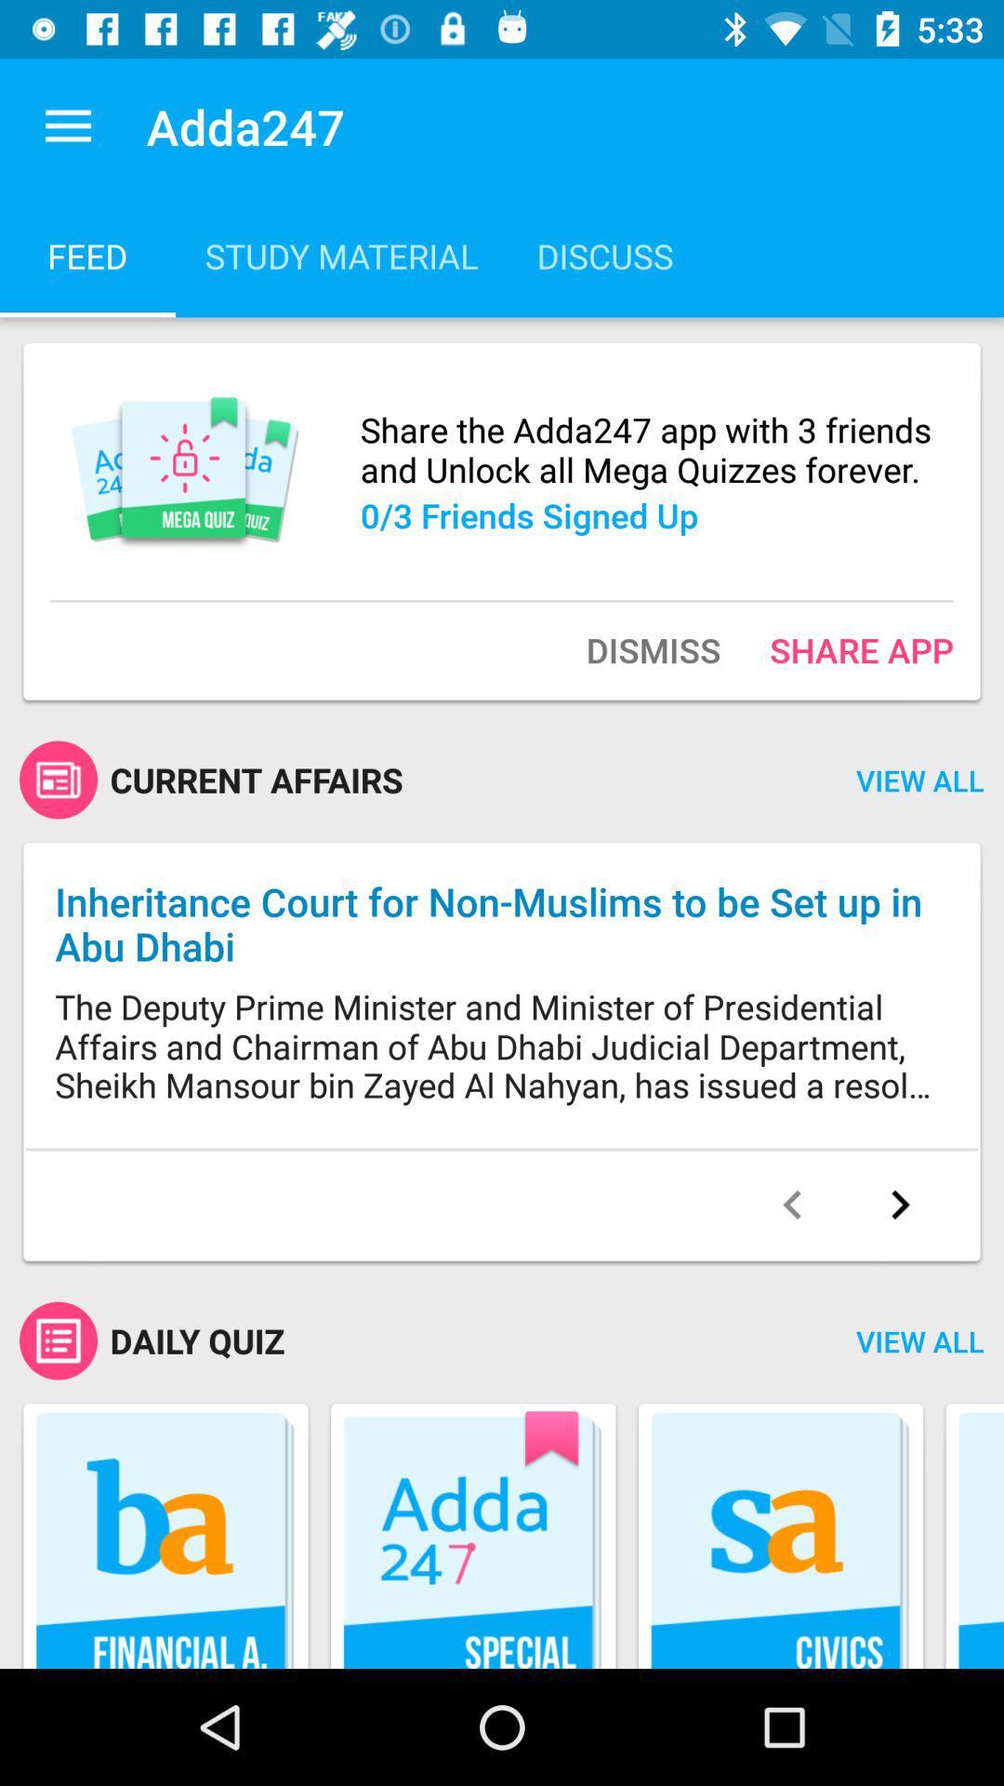  I want to click on the arrow_forward icon, so click(899, 1205).